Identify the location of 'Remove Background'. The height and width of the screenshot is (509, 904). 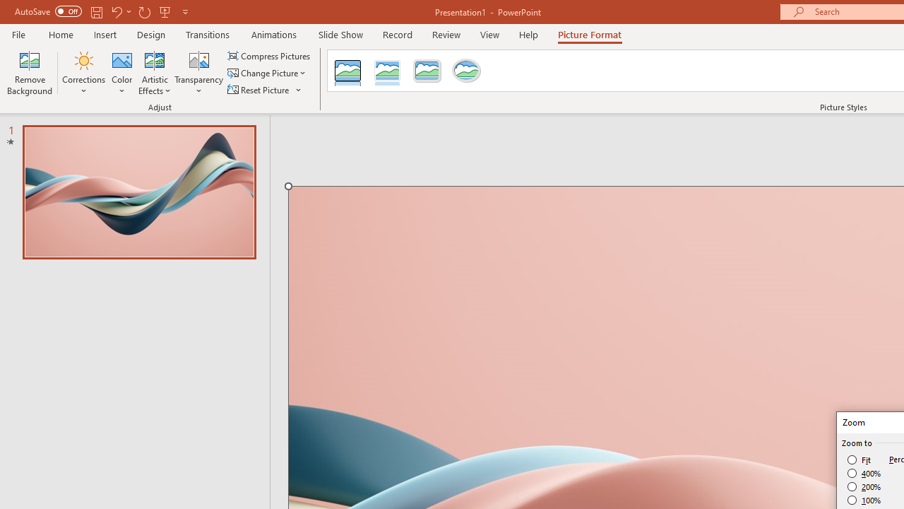
(30, 73).